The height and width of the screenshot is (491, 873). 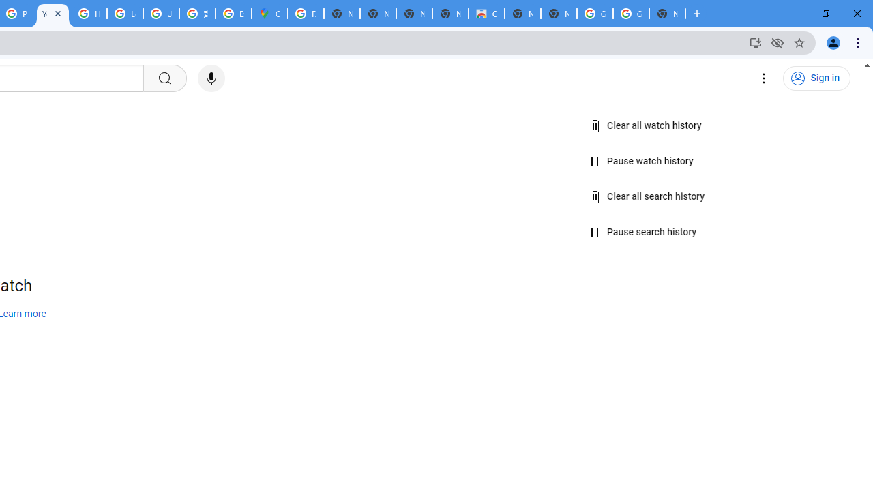 What do you see at coordinates (777, 42) in the screenshot?
I see `'Third-party cookies blocked'` at bounding box center [777, 42].